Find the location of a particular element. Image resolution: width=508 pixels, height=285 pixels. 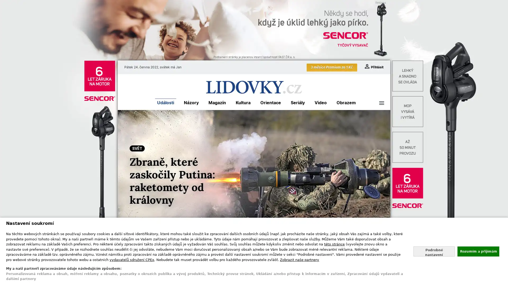

Souhlasit s nasim zpracovanim udaju a zavrit is located at coordinates (478, 251).